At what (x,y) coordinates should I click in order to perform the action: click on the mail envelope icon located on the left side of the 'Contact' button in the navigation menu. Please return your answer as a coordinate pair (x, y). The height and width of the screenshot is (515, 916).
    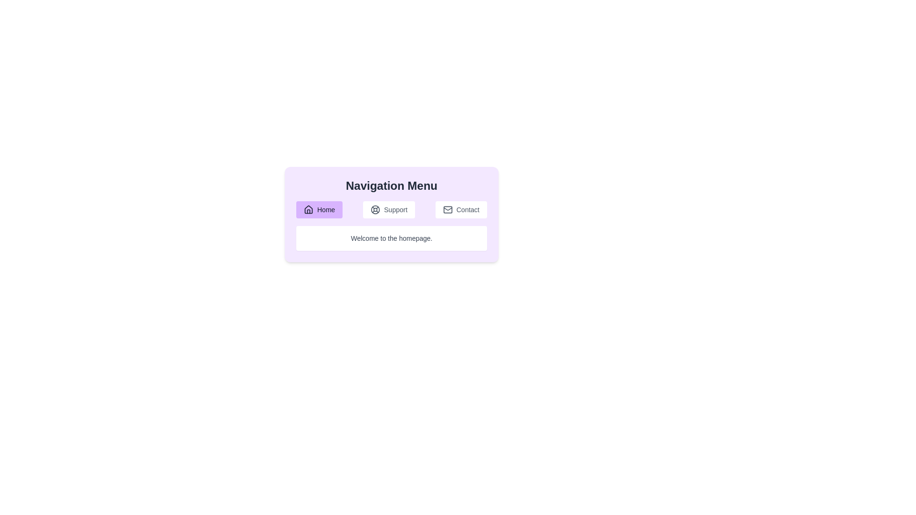
    Looking at the image, I should click on (447, 209).